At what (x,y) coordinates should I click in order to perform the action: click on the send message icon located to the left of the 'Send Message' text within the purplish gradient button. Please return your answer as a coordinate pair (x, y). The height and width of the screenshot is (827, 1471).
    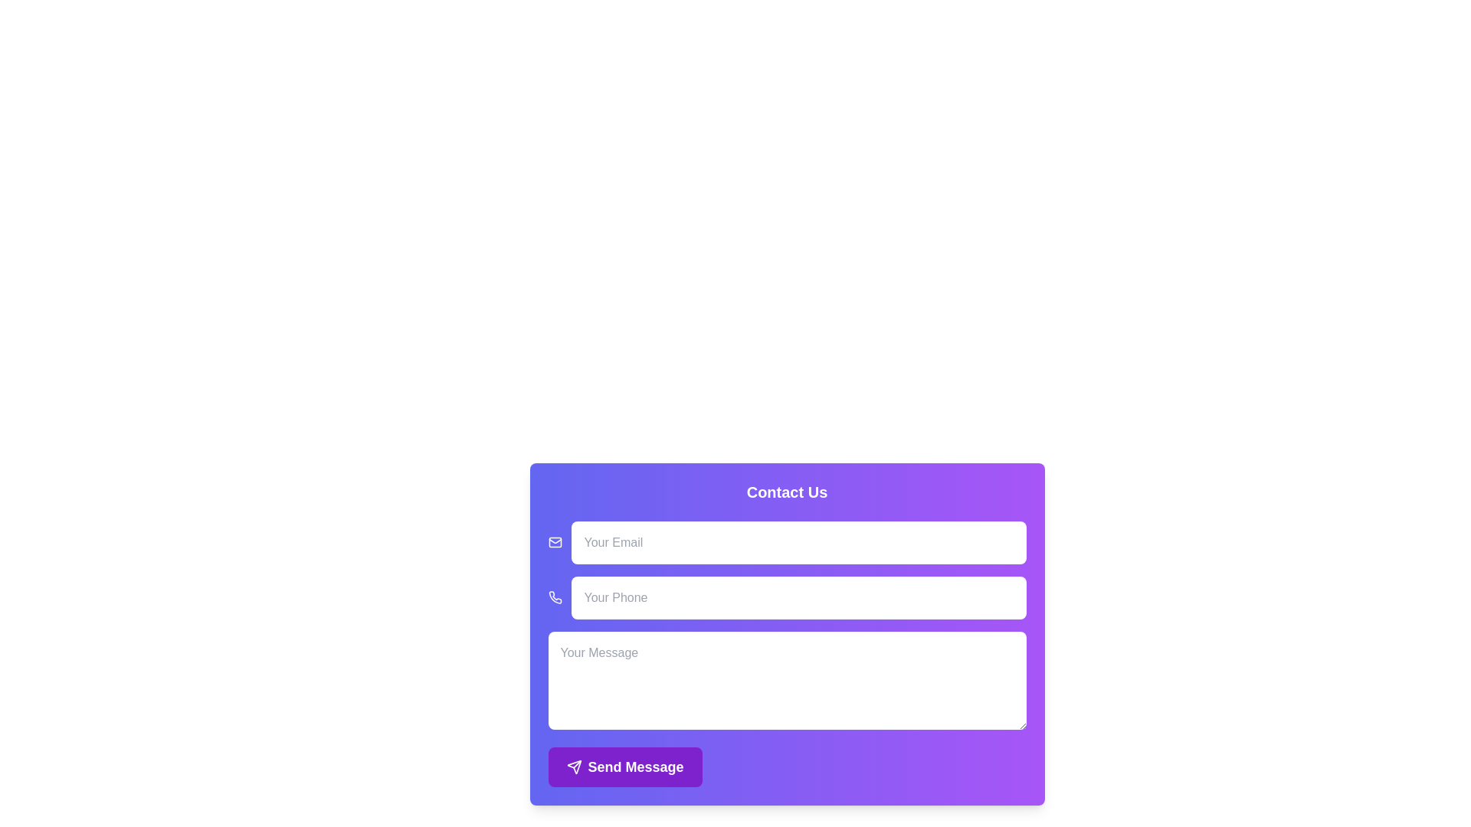
    Looking at the image, I should click on (573, 767).